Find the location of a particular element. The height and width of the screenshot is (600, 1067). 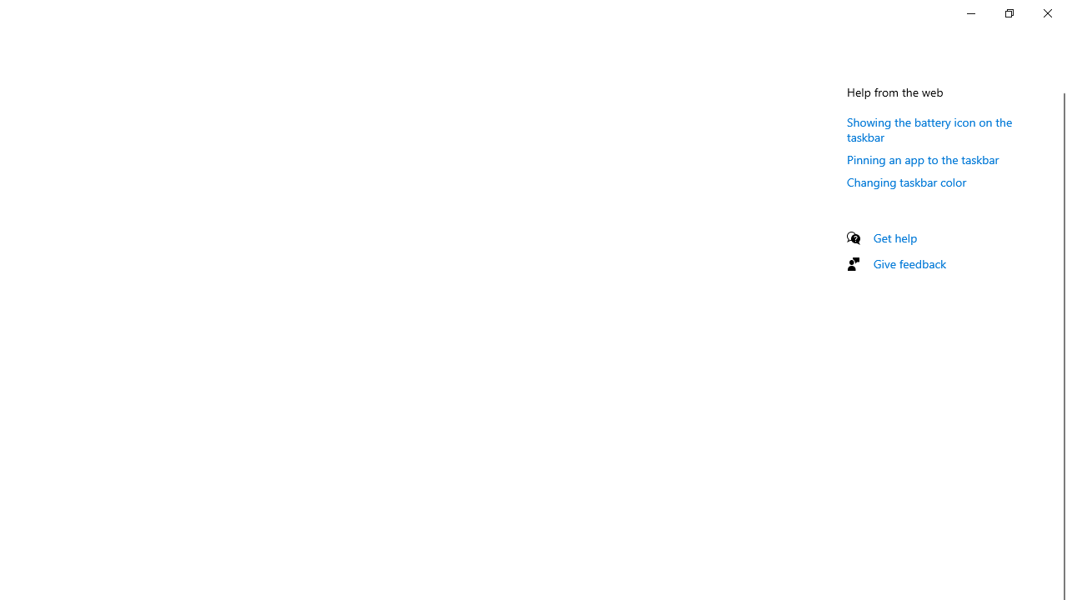

'Restore Settings' is located at coordinates (1008, 12).